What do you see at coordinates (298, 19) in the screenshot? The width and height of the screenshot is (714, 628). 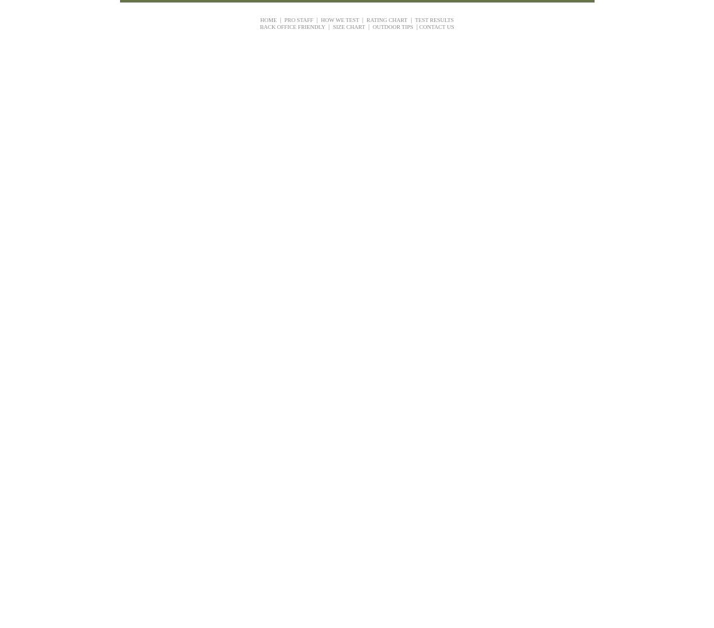 I see `'PRO STAFF'` at bounding box center [298, 19].